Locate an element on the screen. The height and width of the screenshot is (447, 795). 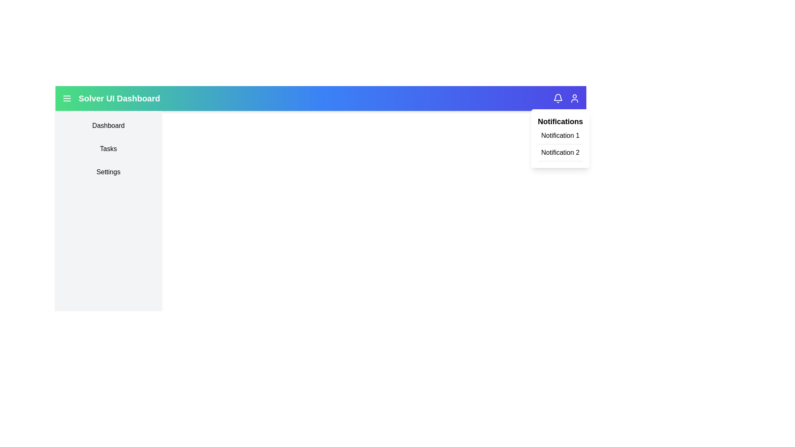
the user profile icon button located at the far-right of the navigation bar is located at coordinates (574, 98).